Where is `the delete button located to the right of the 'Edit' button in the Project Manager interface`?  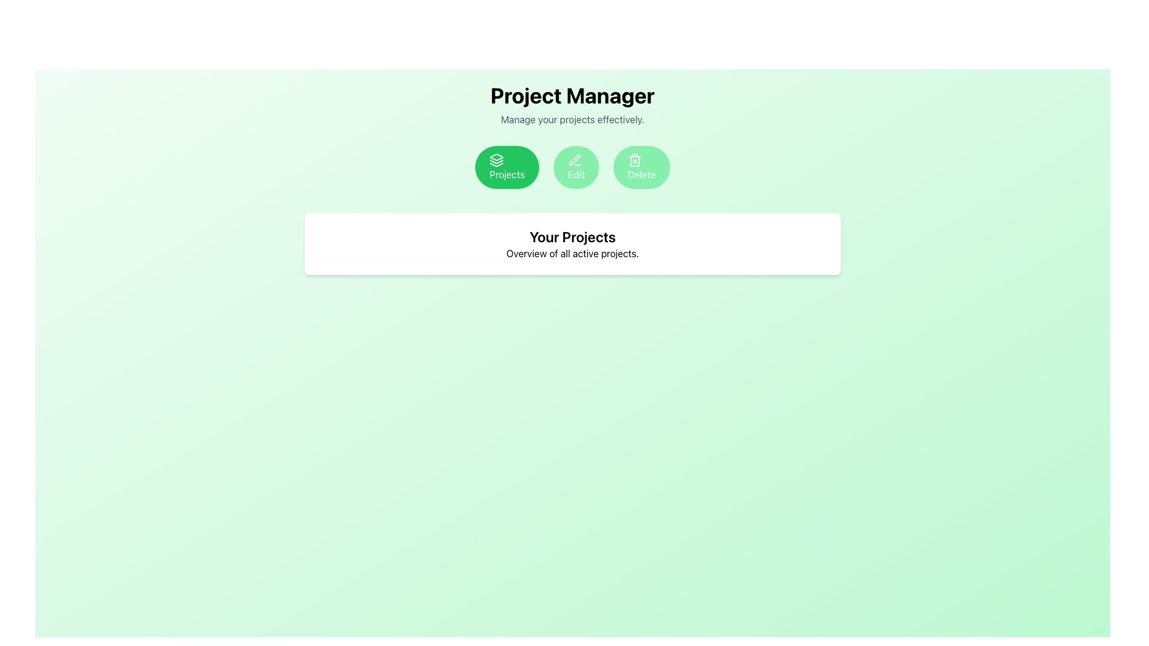 the delete button located to the right of the 'Edit' button in the Project Manager interface is located at coordinates (641, 167).